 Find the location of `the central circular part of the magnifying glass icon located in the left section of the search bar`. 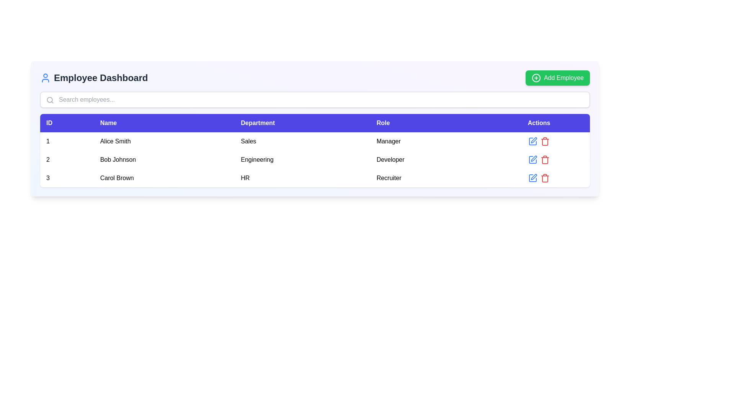

the central circular part of the magnifying glass icon located in the left section of the search bar is located at coordinates (49, 99).